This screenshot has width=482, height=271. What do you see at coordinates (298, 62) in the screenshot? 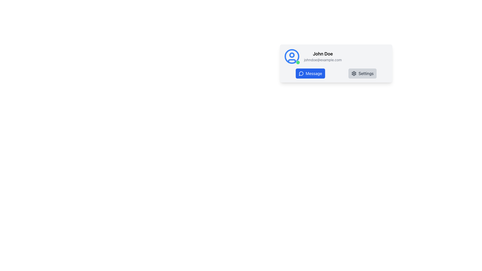
I see `the small green circular Status Indicator Badge located at the bottom-right corner of the profile avatar` at bounding box center [298, 62].